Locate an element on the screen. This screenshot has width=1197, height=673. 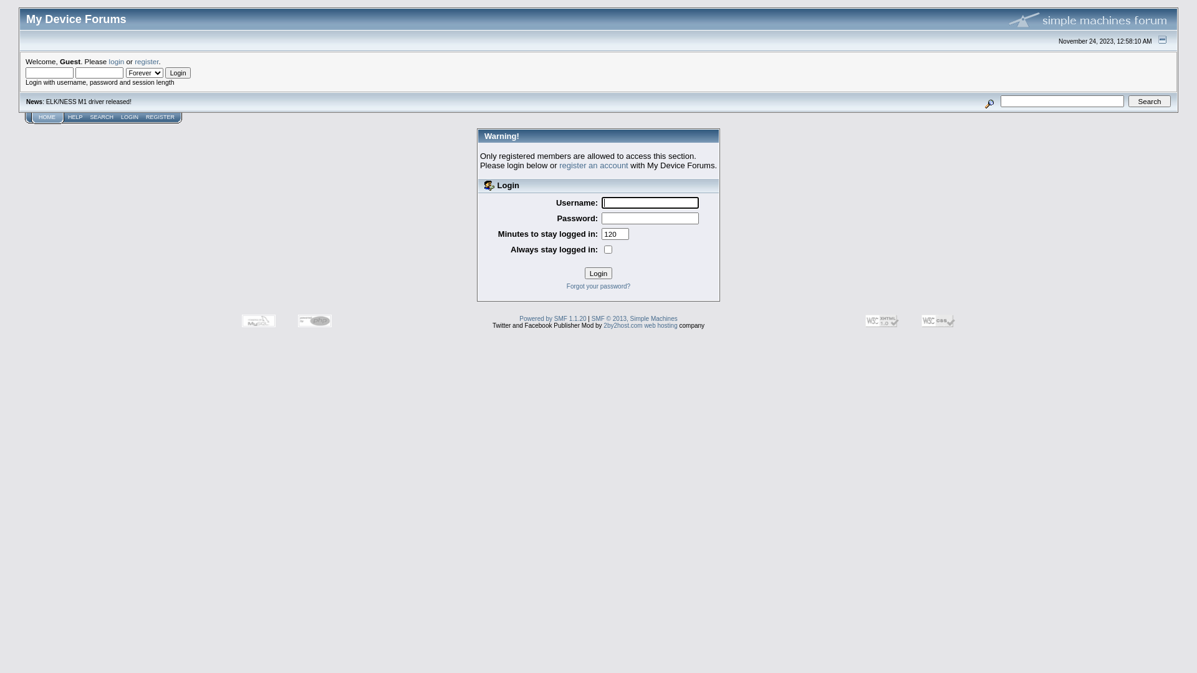
'Login' is located at coordinates (178, 72).